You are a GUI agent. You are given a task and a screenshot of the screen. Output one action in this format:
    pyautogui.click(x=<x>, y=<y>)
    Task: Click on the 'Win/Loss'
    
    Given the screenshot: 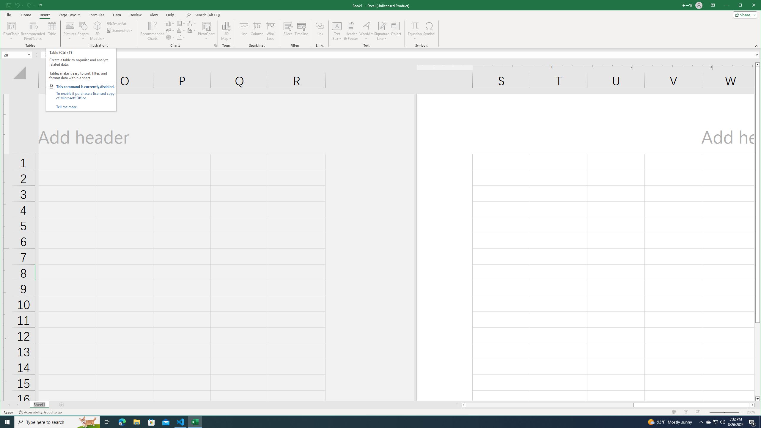 What is the action you would take?
    pyautogui.click(x=270, y=31)
    